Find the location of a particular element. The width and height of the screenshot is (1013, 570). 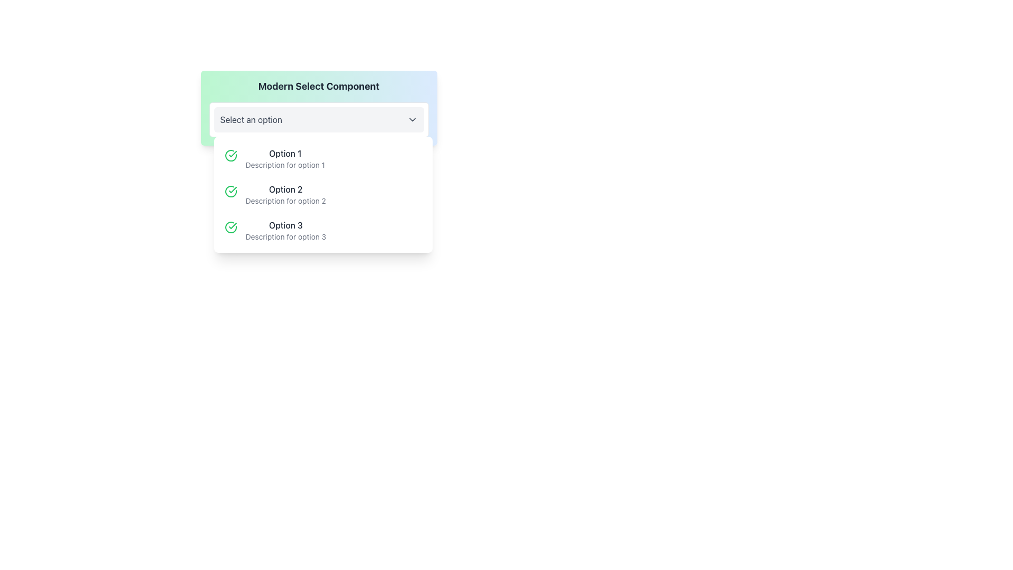

the second option label in the dropdown list, which is positioned between 'Option 1' and 'Option 3' is located at coordinates (285, 188).